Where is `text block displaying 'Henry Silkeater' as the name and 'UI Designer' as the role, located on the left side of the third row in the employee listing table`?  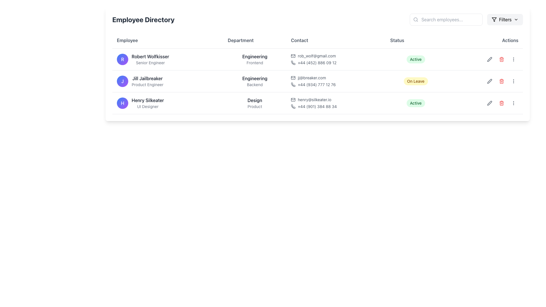 text block displaying 'Henry Silkeater' as the name and 'UI Designer' as the role, located on the left side of the third row in the employee listing table is located at coordinates (148, 103).